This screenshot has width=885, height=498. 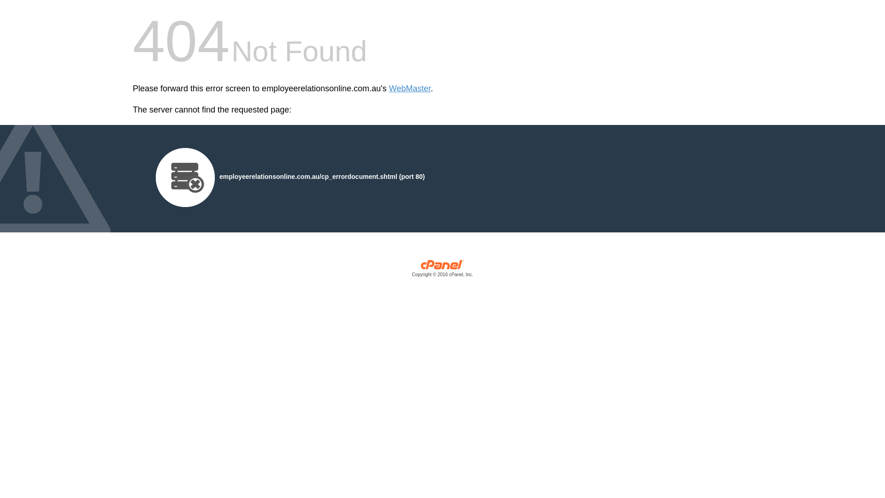 I want to click on 'WebMaster', so click(x=409, y=89).